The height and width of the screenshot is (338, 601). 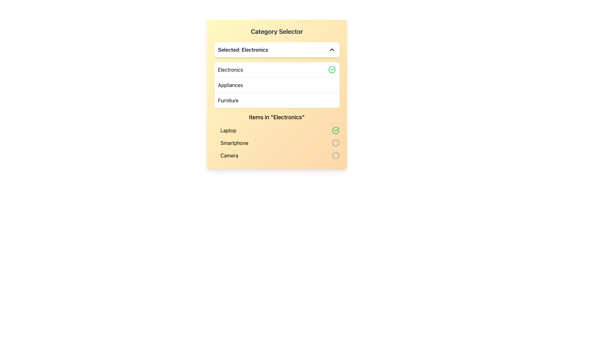 I want to click on the green circular checkmark icon located on the far right of the row containing the text 'Laptop' in the 'Items in Electronics' section, so click(x=335, y=130).